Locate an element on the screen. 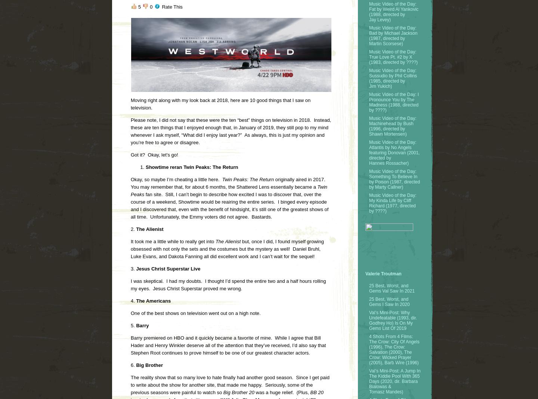 This screenshot has width=538, height=399. '5.' is located at coordinates (132, 325).